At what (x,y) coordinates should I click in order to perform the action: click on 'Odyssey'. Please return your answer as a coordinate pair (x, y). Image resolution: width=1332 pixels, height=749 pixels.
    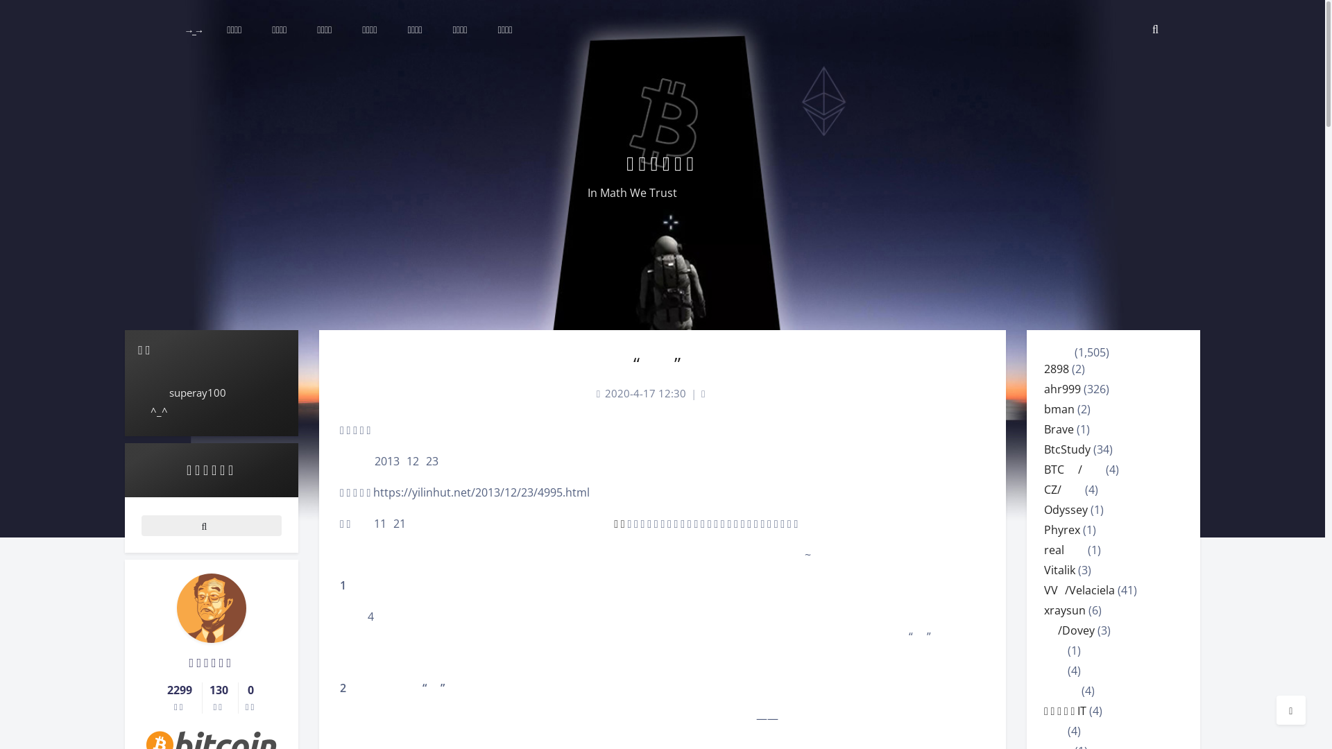
    Looking at the image, I should click on (1065, 510).